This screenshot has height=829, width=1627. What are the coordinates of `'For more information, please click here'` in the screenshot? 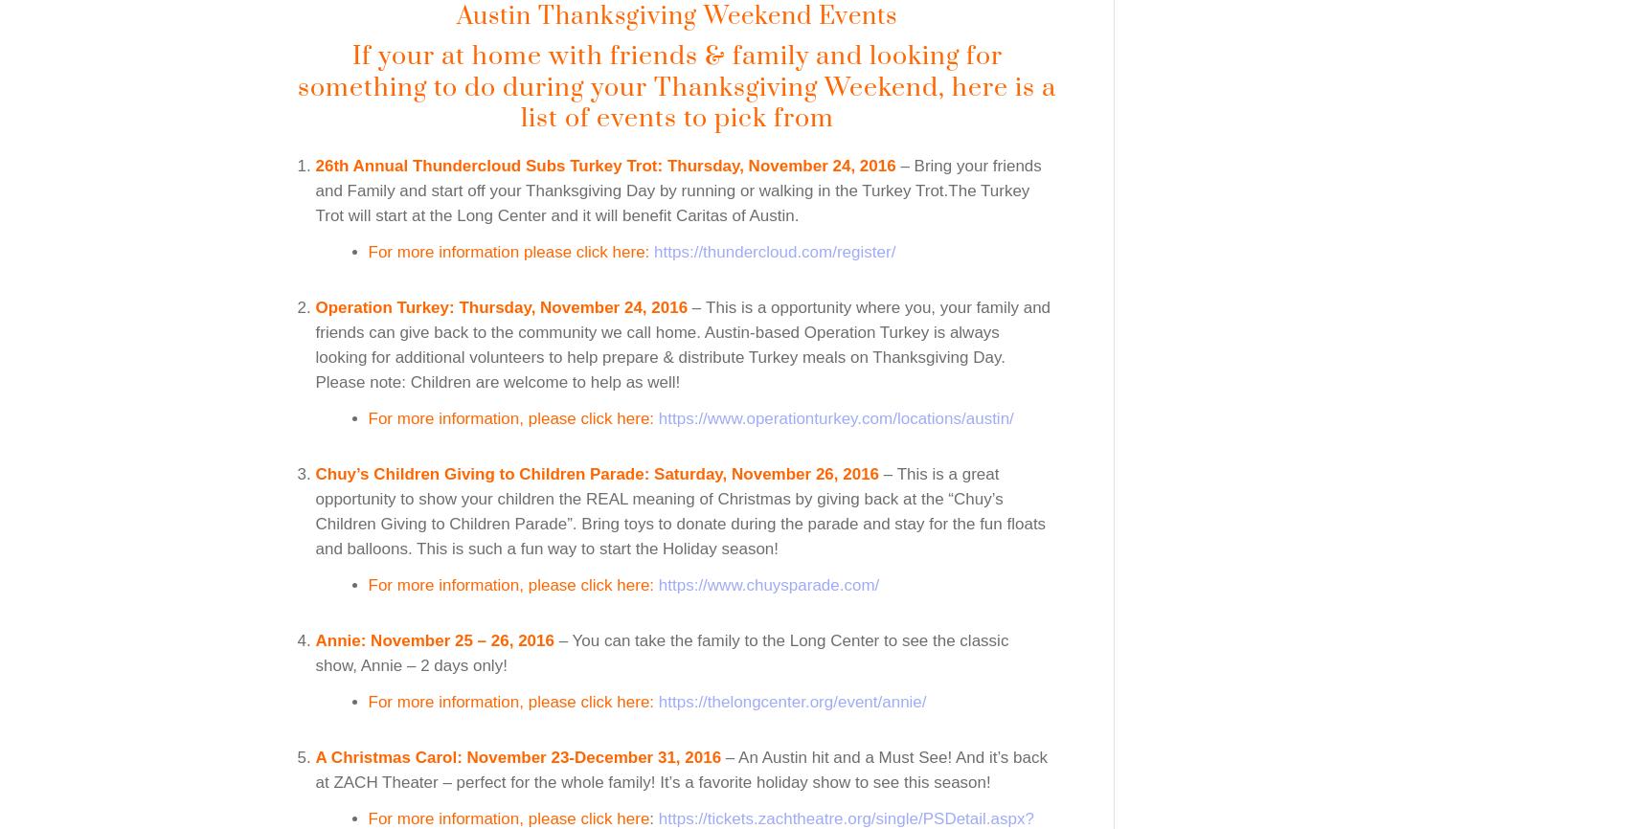 It's located at (507, 817).